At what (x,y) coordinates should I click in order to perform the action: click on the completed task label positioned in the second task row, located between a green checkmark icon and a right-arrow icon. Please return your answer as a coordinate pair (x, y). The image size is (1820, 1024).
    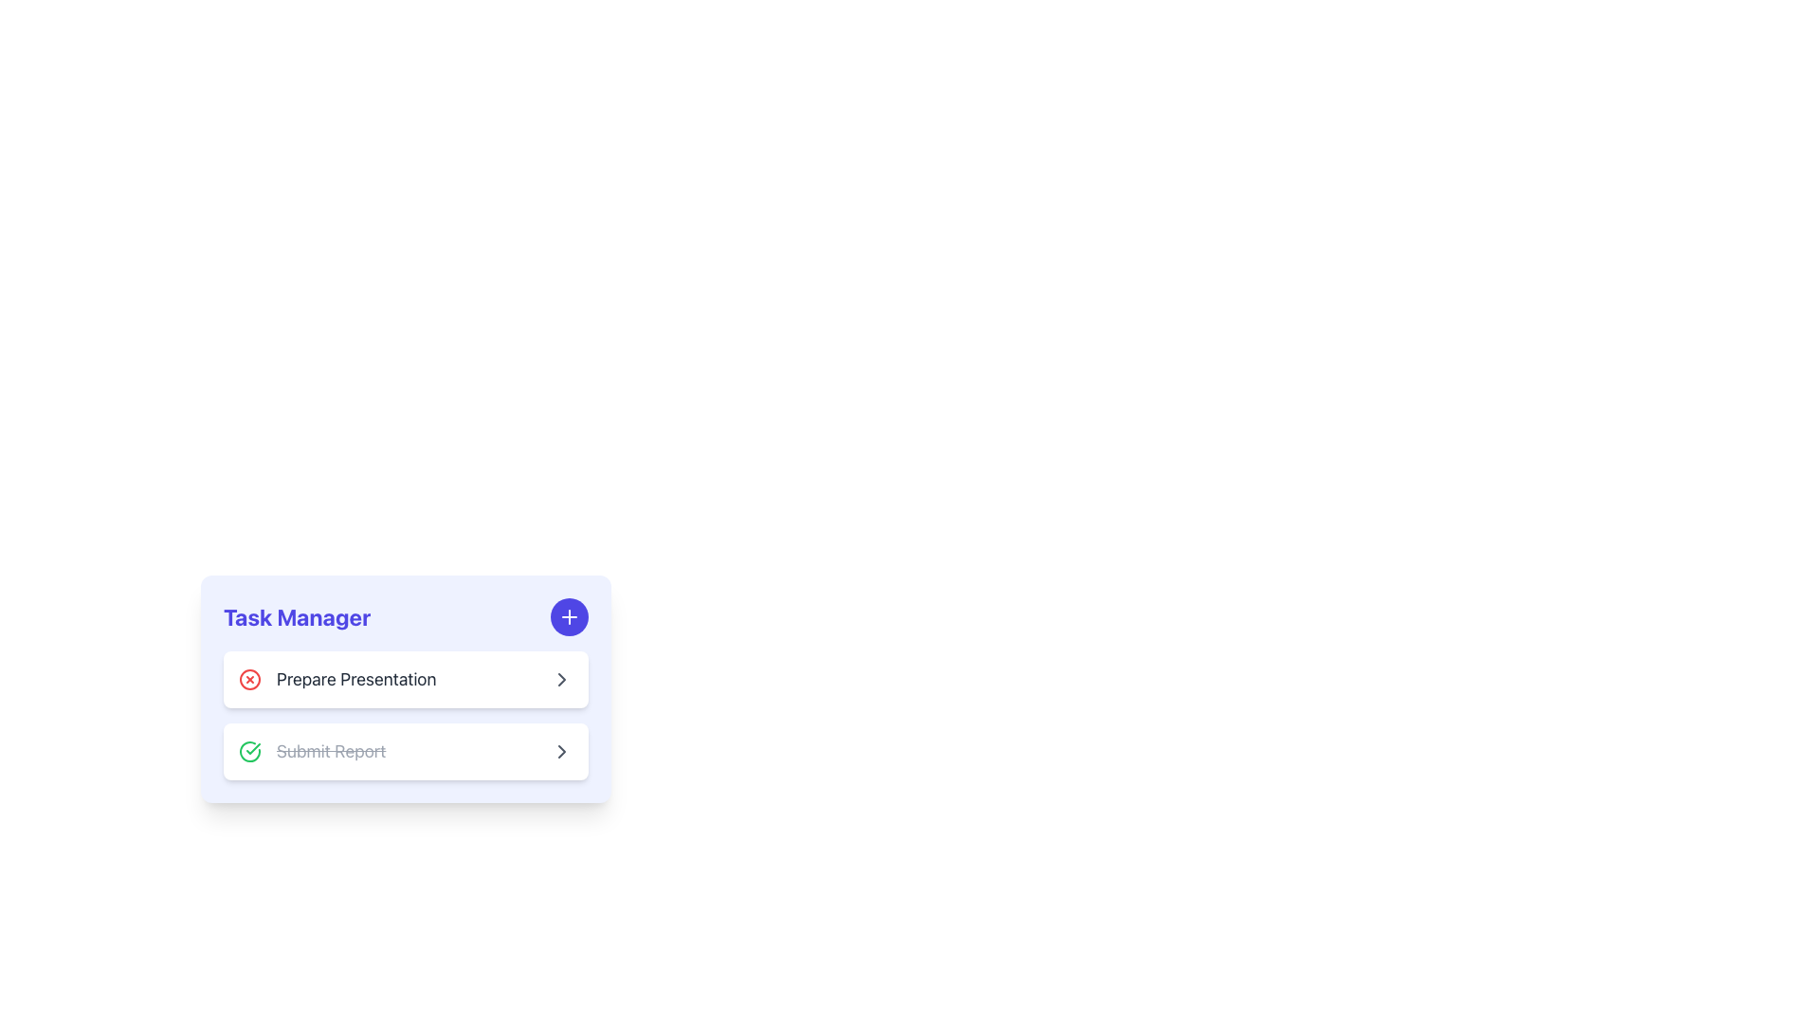
    Looking at the image, I should click on (331, 751).